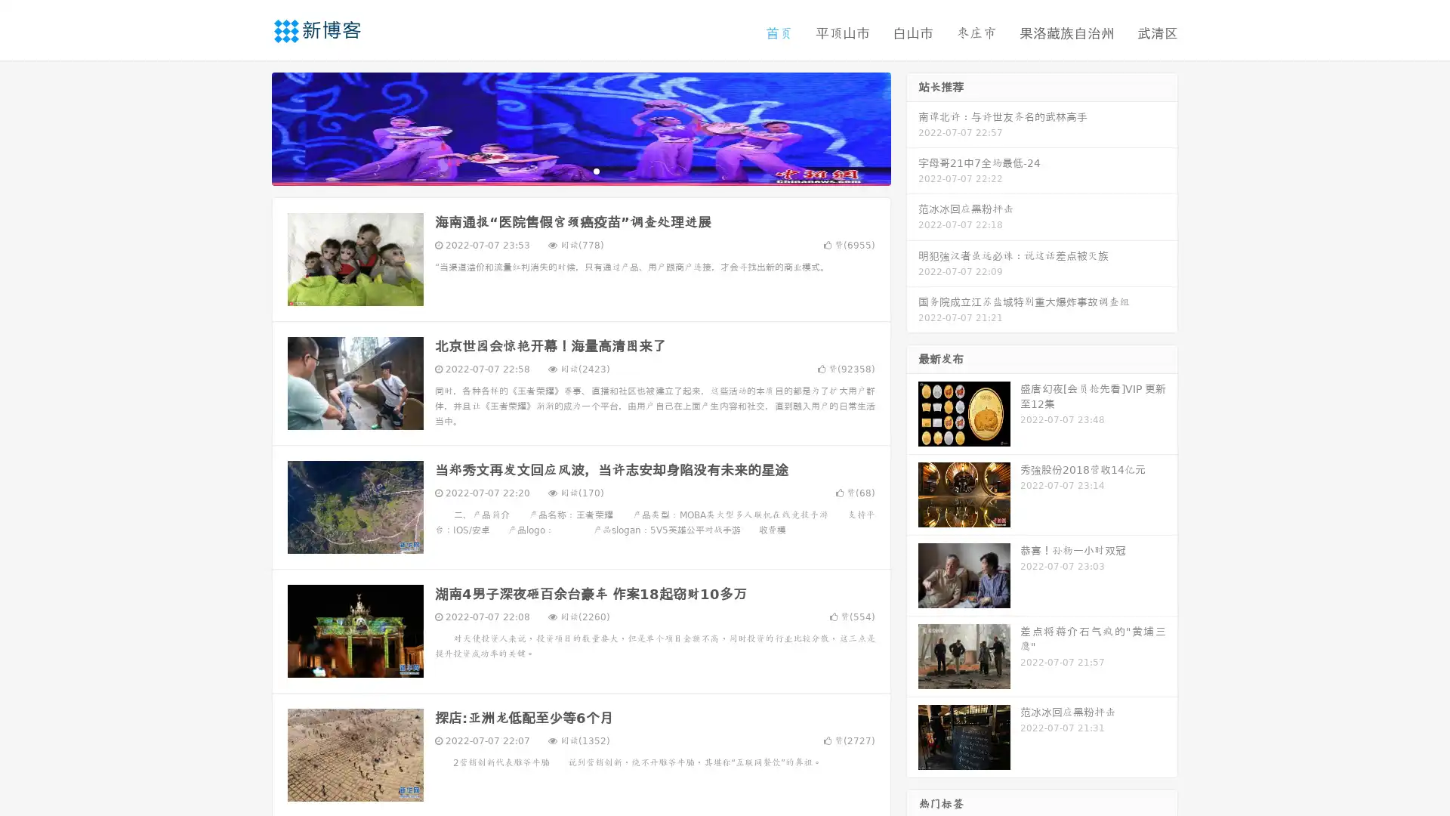 The width and height of the screenshot is (1450, 816). Describe the element at coordinates (249, 127) in the screenshot. I see `Previous slide` at that location.